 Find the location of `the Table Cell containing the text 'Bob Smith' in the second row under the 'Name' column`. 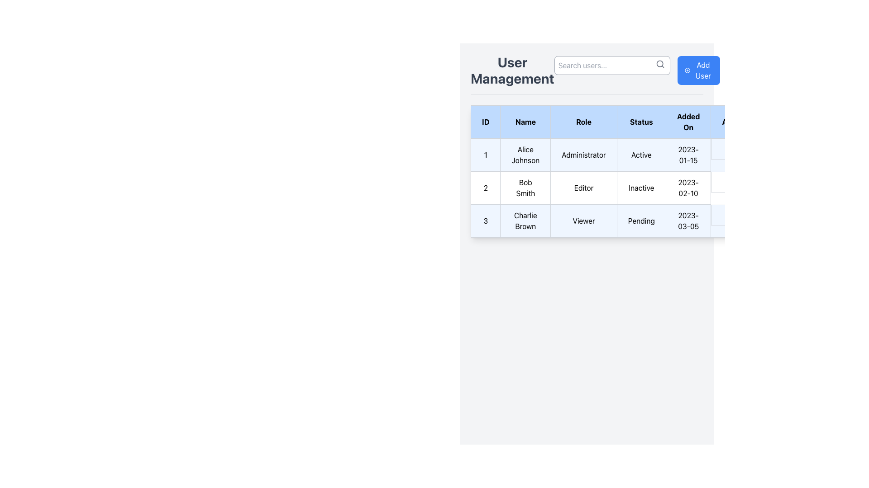

the Table Cell containing the text 'Bob Smith' in the second row under the 'Name' column is located at coordinates (525, 188).